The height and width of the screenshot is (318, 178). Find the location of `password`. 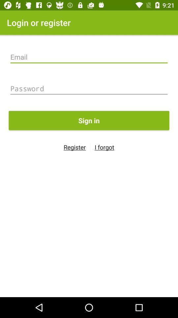

password is located at coordinates (89, 88).